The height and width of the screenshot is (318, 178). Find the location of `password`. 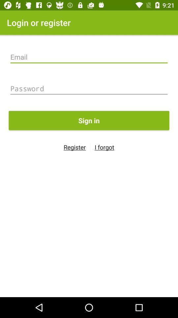

password is located at coordinates (89, 88).